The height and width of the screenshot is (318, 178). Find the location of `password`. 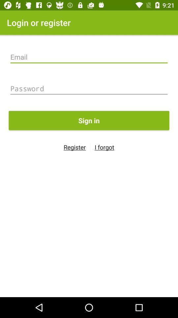

password is located at coordinates (89, 88).